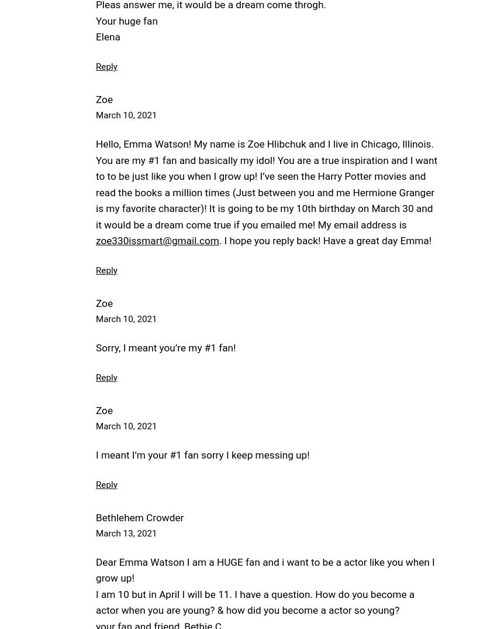  What do you see at coordinates (126, 20) in the screenshot?
I see `'Your huge fan'` at bounding box center [126, 20].